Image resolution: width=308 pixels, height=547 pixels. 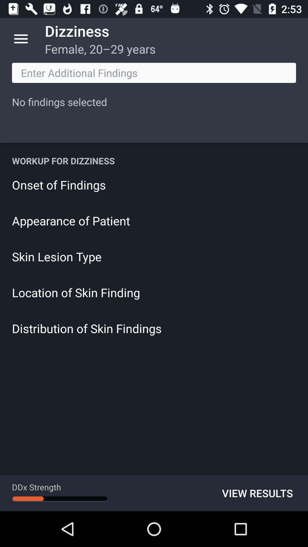 I want to click on search for content, so click(x=154, y=72).